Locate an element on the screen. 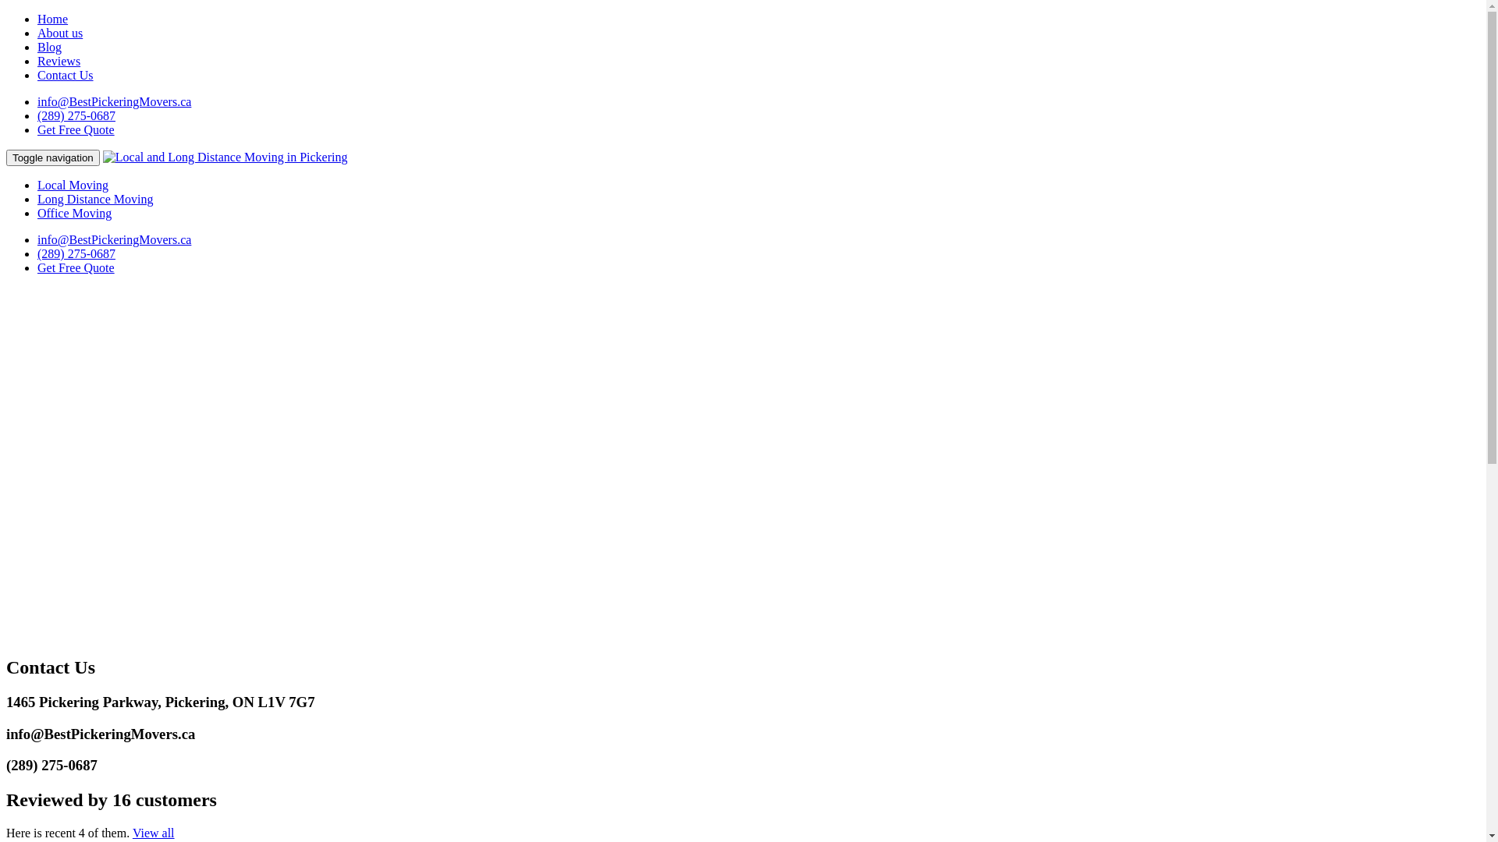 This screenshot has height=842, width=1498. 'Home' is located at coordinates (52, 19).